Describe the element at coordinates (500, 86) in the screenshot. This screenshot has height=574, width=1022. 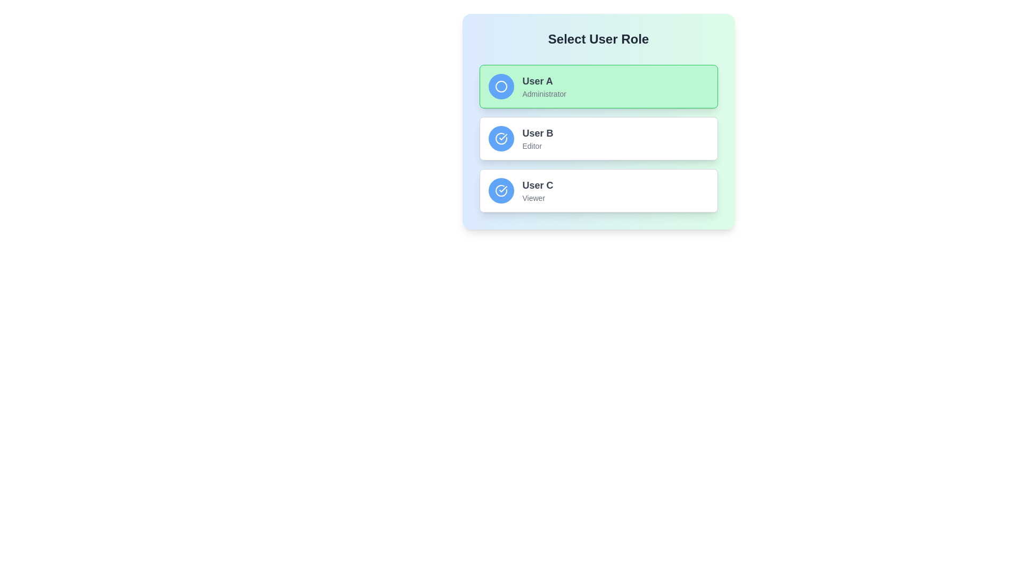
I see `the SVG Circle Element representing 'User A' in the 'Select User Role' list, visually distinguishing their role or selection` at that location.